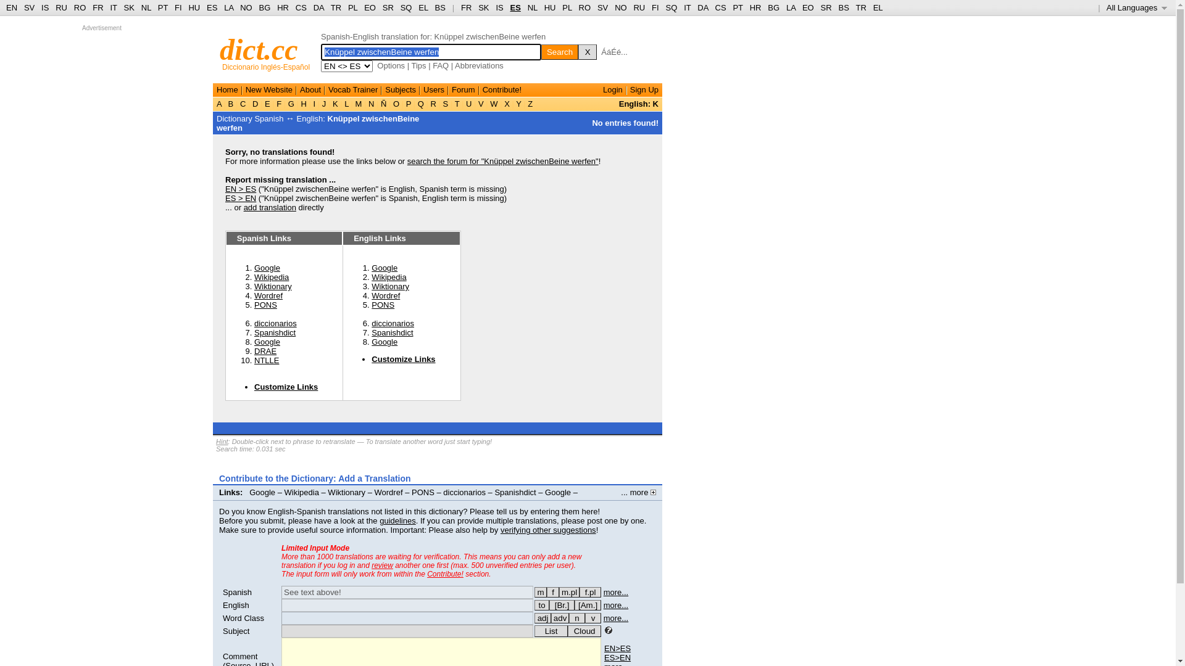  I want to click on 'IS', so click(44, 7).